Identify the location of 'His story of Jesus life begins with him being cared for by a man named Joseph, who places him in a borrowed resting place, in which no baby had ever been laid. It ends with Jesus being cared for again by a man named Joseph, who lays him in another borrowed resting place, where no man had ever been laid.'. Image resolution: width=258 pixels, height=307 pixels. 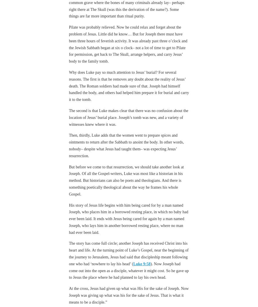
(69, 218).